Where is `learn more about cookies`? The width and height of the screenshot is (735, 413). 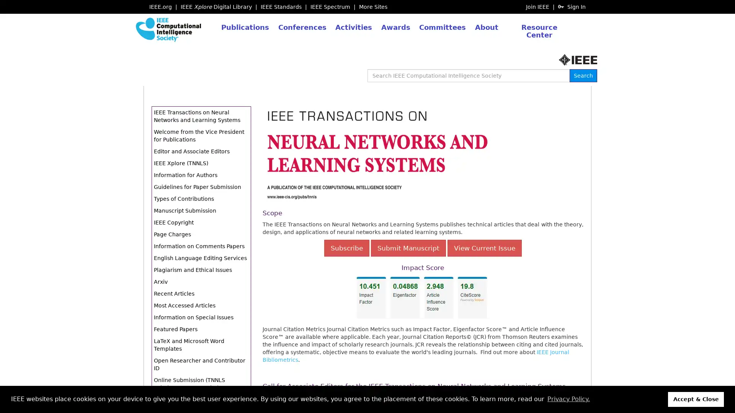 learn more about cookies is located at coordinates (568, 399).